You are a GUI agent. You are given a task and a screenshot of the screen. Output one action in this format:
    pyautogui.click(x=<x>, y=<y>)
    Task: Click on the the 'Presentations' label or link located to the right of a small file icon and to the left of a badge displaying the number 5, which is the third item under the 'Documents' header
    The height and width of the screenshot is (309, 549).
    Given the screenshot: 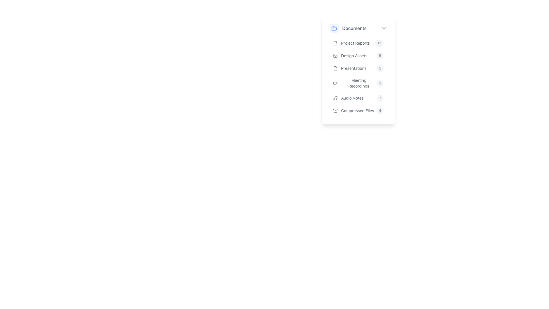 What is the action you would take?
    pyautogui.click(x=353, y=68)
    